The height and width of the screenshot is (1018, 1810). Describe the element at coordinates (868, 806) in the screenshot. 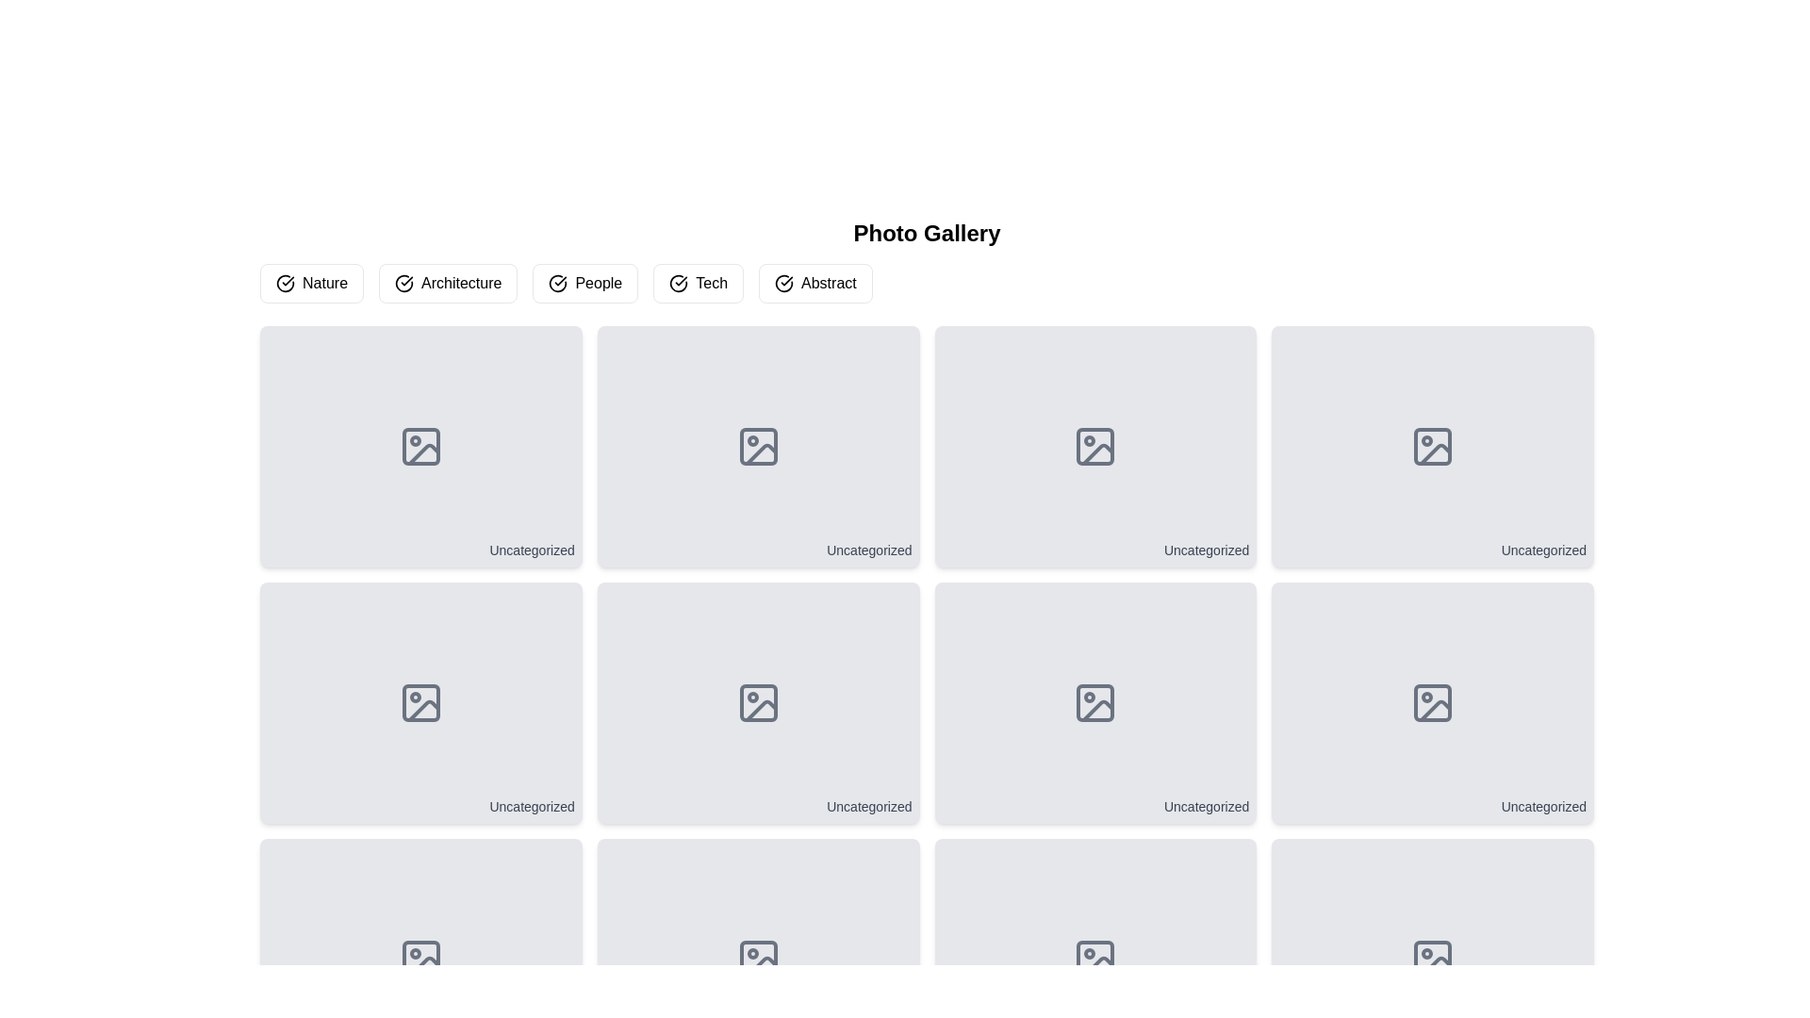

I see `the small gray text label reading 'Uncategorized' located at the bottom-right corner of the card in the second row, fourth column of the grid layout` at that location.